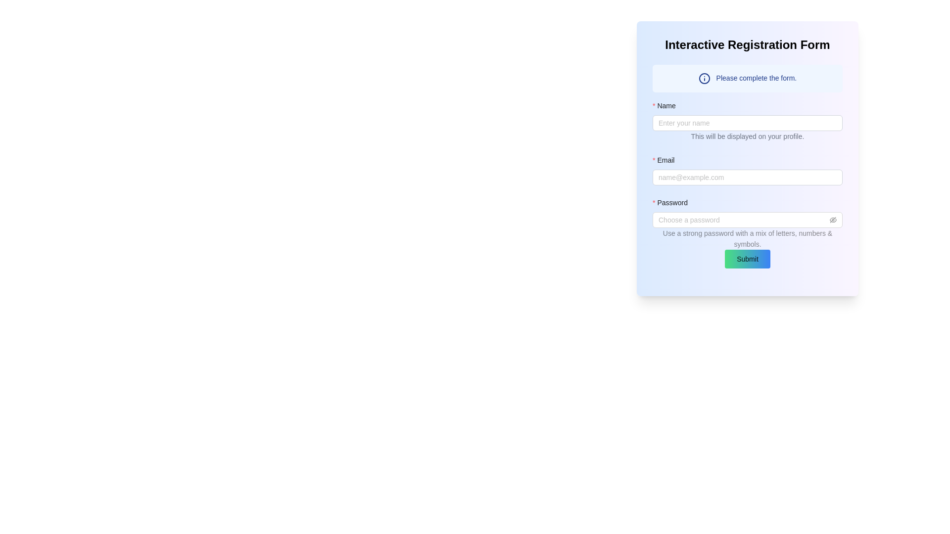 Image resolution: width=950 pixels, height=534 pixels. Describe the element at coordinates (667, 106) in the screenshot. I see `the 'Name' text label, which is styled with a standard sans-serif font and indicates a mandatory field with a red asterisk, positioned above the 'Enter your name' input field in the 'Interactive Registration Form' section` at that location.